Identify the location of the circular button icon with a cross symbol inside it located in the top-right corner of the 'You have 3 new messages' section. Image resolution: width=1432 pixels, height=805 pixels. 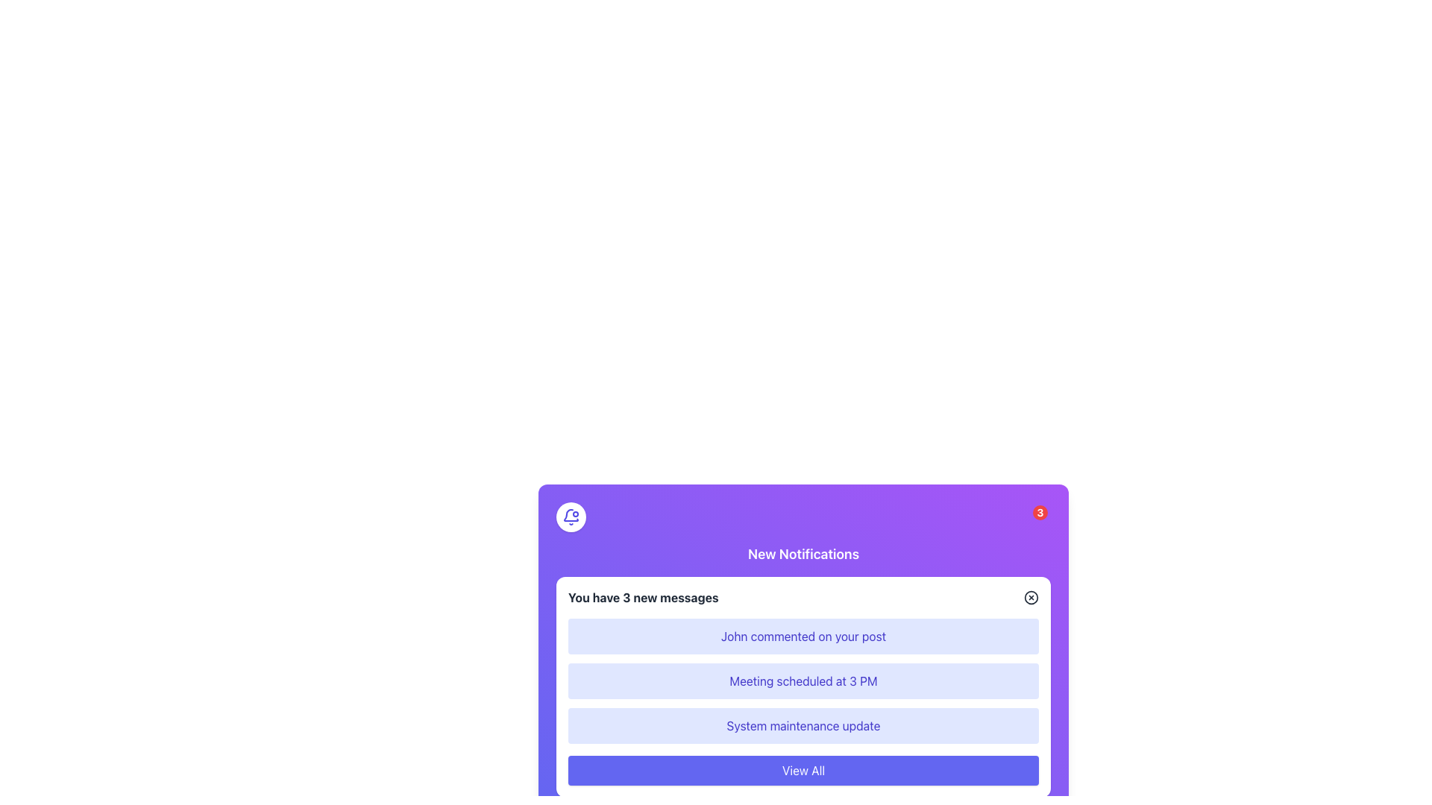
(1030, 597).